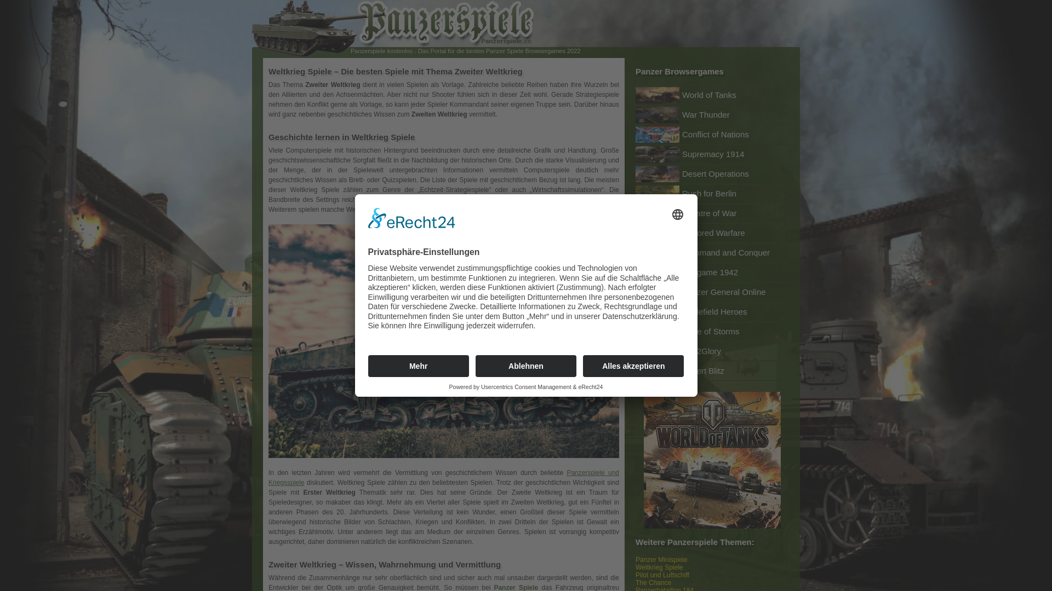  I want to click on 'Wargame 1942', so click(712, 271).